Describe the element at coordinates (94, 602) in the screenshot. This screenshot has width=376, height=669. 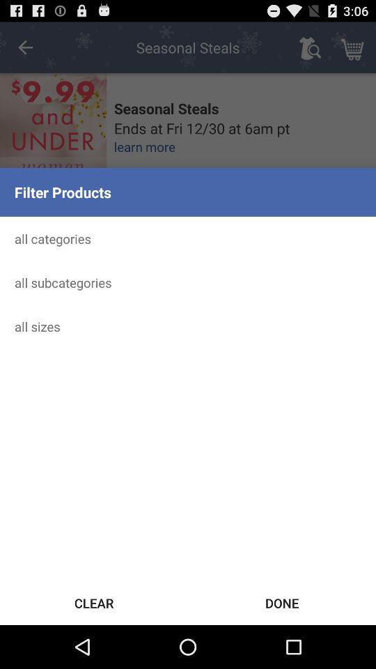
I see `the icon to the left of the done item` at that location.